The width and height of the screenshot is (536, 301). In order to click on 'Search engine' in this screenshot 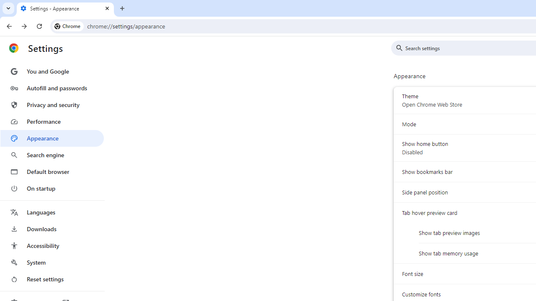, I will do `click(52, 155)`.